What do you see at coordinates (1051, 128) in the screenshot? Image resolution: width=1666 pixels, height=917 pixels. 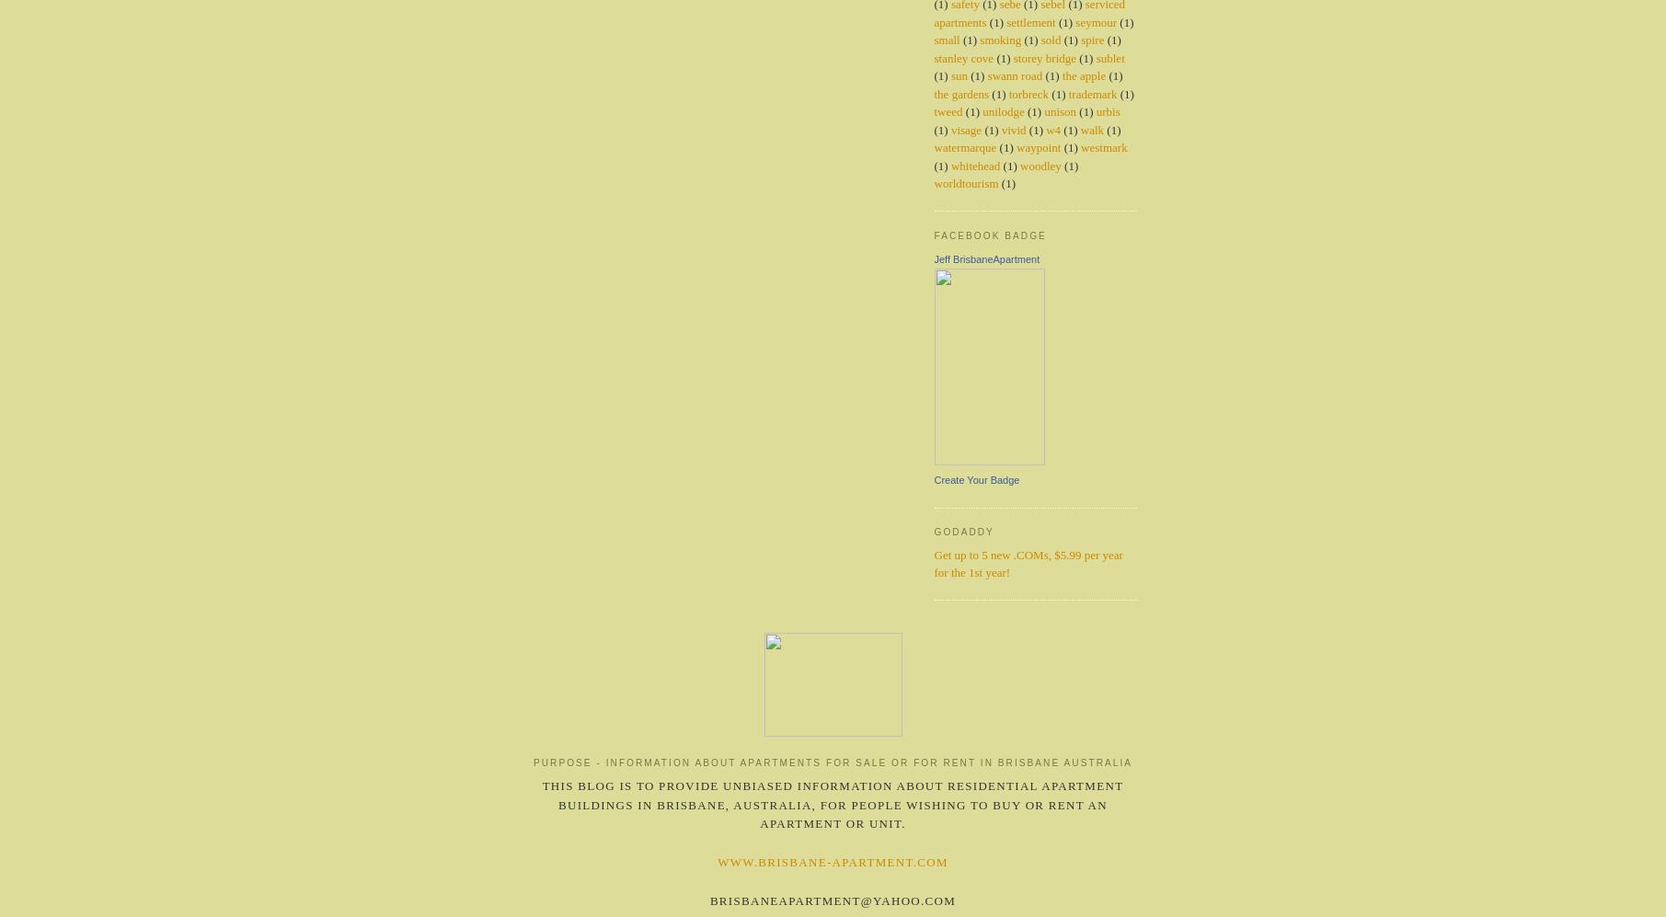 I see `'w4'` at bounding box center [1051, 128].